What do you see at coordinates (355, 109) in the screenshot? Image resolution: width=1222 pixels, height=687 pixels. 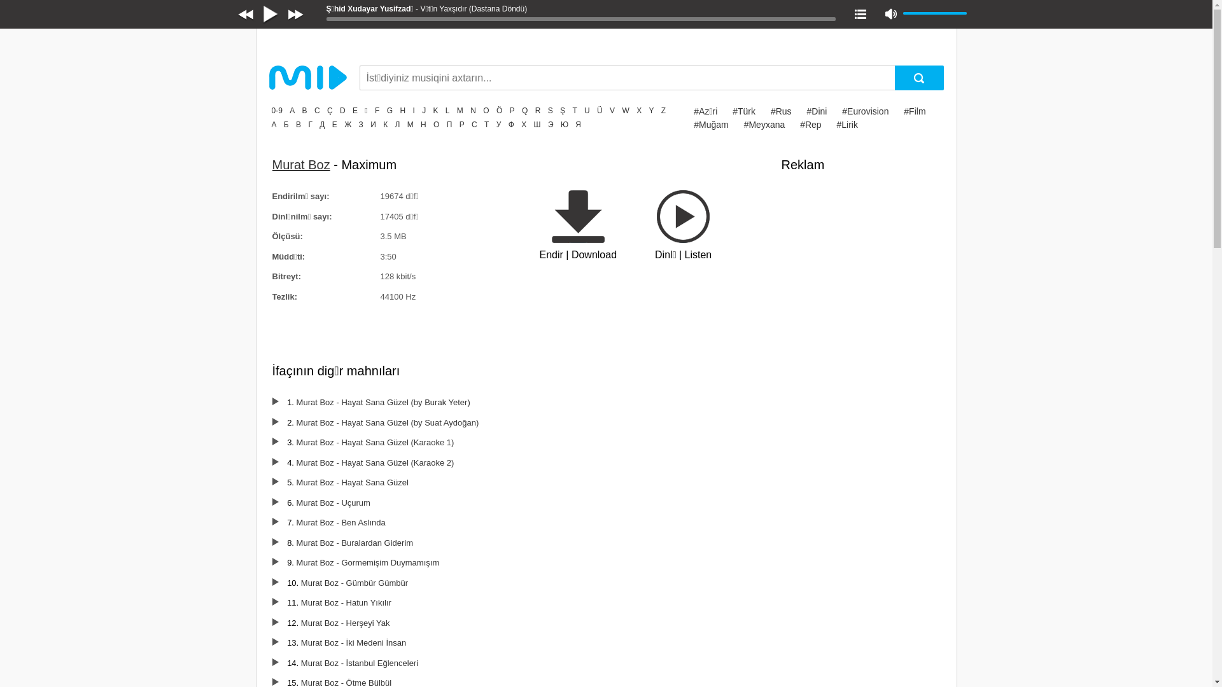 I see `'E'` at bounding box center [355, 109].